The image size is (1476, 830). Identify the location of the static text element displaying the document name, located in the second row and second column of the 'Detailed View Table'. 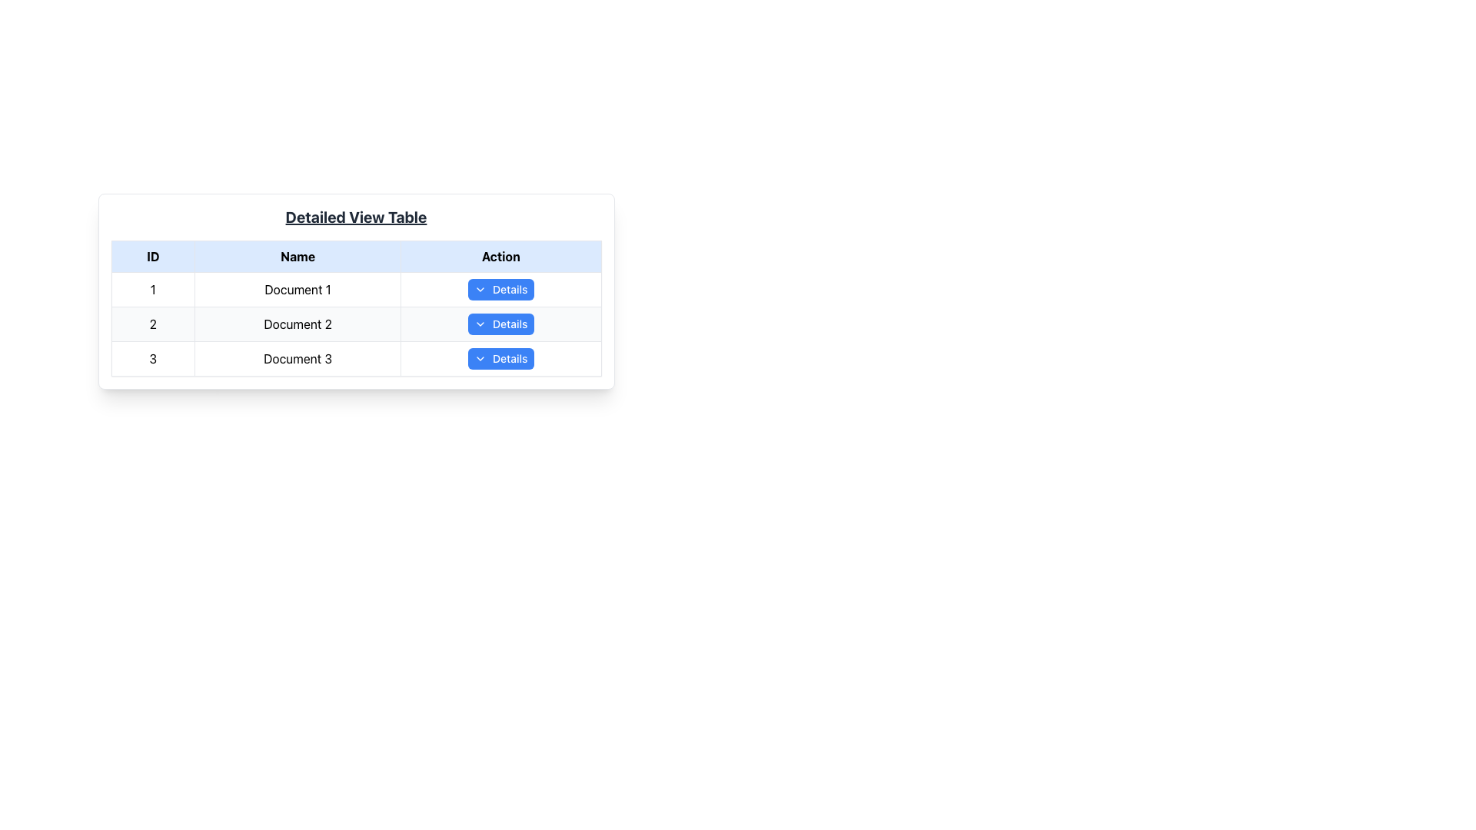
(298, 323).